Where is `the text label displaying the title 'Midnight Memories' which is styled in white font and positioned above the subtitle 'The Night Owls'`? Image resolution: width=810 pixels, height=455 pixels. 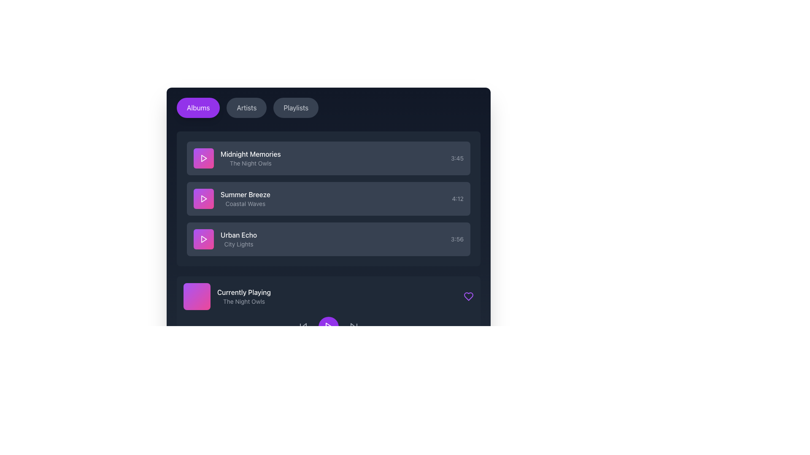 the text label displaying the title 'Midnight Memories' which is styled in white font and positioned above the subtitle 'The Night Owls' is located at coordinates (250, 154).